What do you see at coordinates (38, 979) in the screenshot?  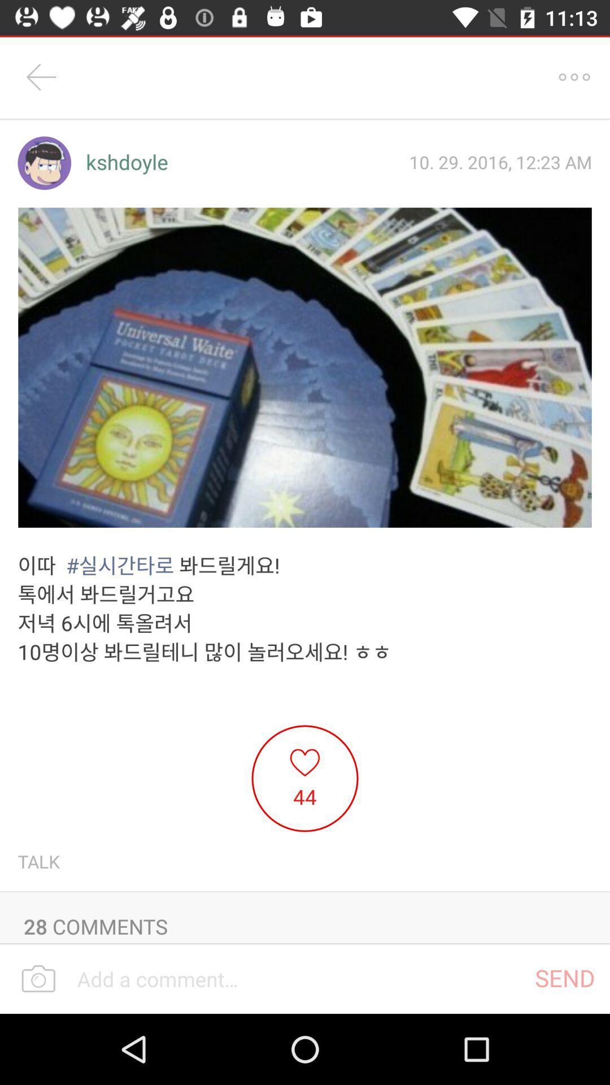 I see `the photo icon` at bounding box center [38, 979].